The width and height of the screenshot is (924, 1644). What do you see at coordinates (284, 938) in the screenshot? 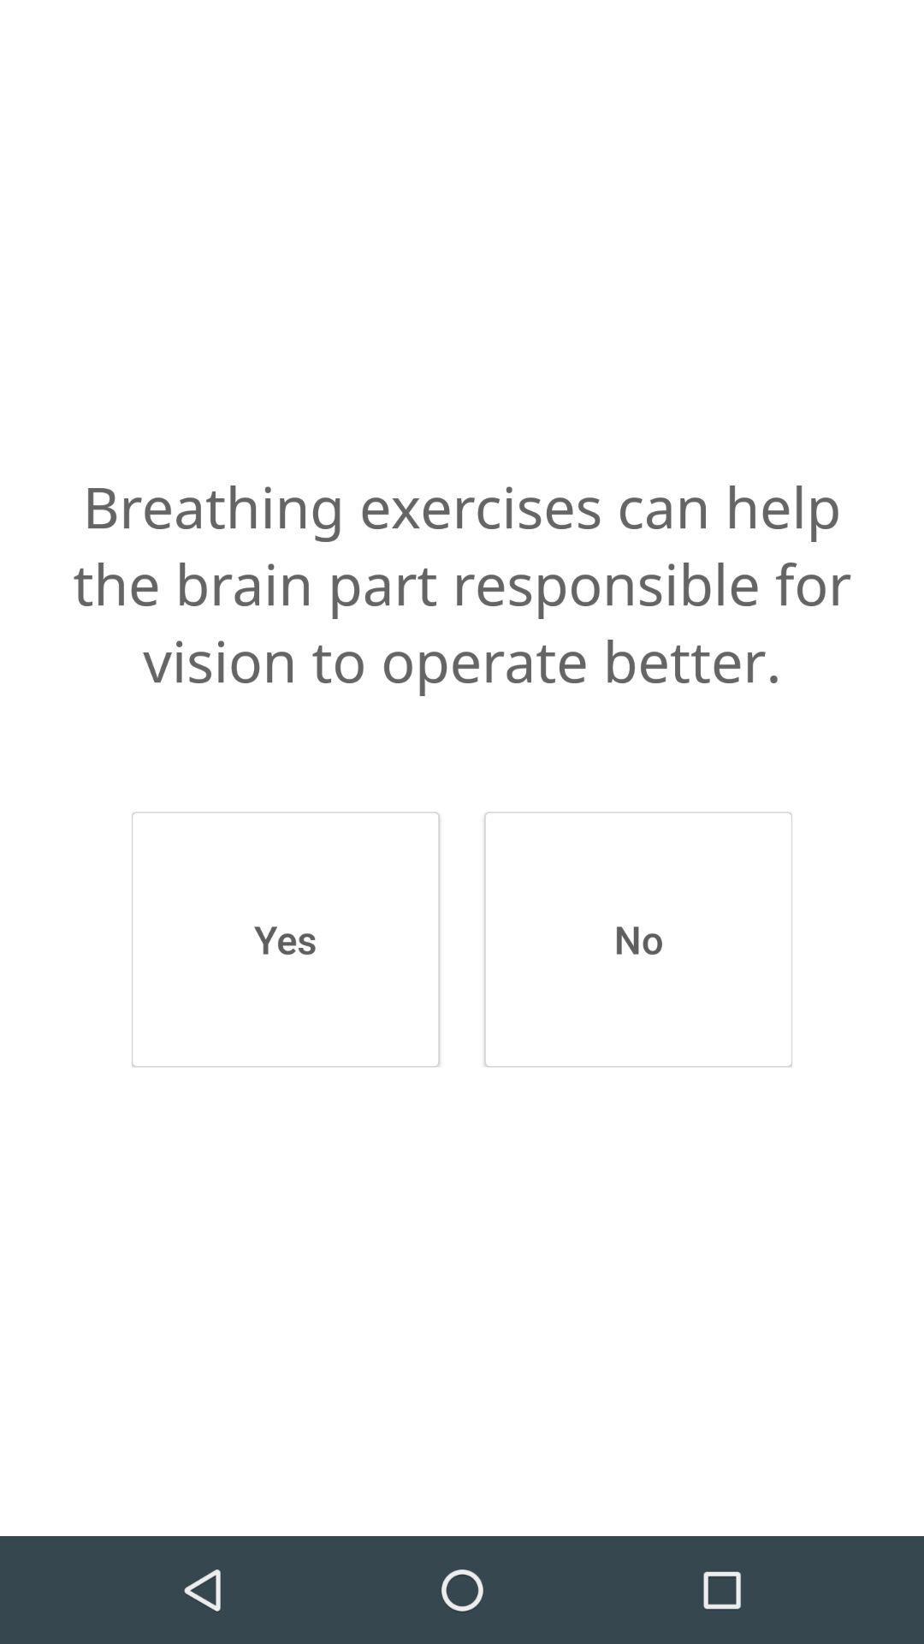
I see `item next to the no button` at bounding box center [284, 938].